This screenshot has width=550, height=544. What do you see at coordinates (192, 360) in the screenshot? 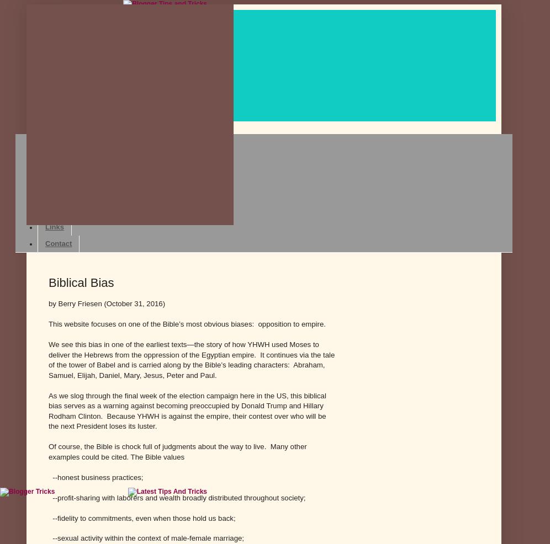
I see `'We see this bias in one of the earliest texts—the story of how YHWH used Moses to deliver the Hebrews from the oppression of the Egyptian empire.  It continues via the tale of the tower of Babel and is carried along by the Bible’s leading characters:  Abraham, Samuel, Elijah, Daniel, Mary, Jesus, Peter and Paul.'` at bounding box center [192, 360].